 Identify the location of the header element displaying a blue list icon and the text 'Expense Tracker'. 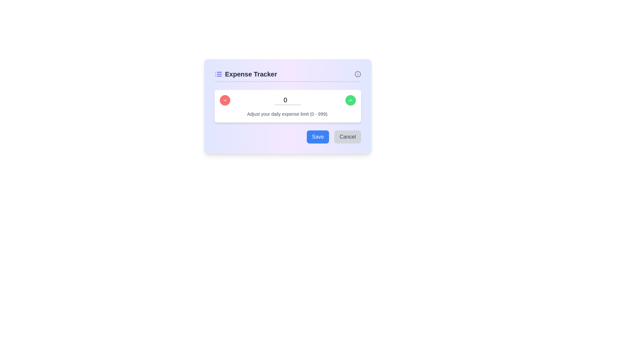
(245, 74).